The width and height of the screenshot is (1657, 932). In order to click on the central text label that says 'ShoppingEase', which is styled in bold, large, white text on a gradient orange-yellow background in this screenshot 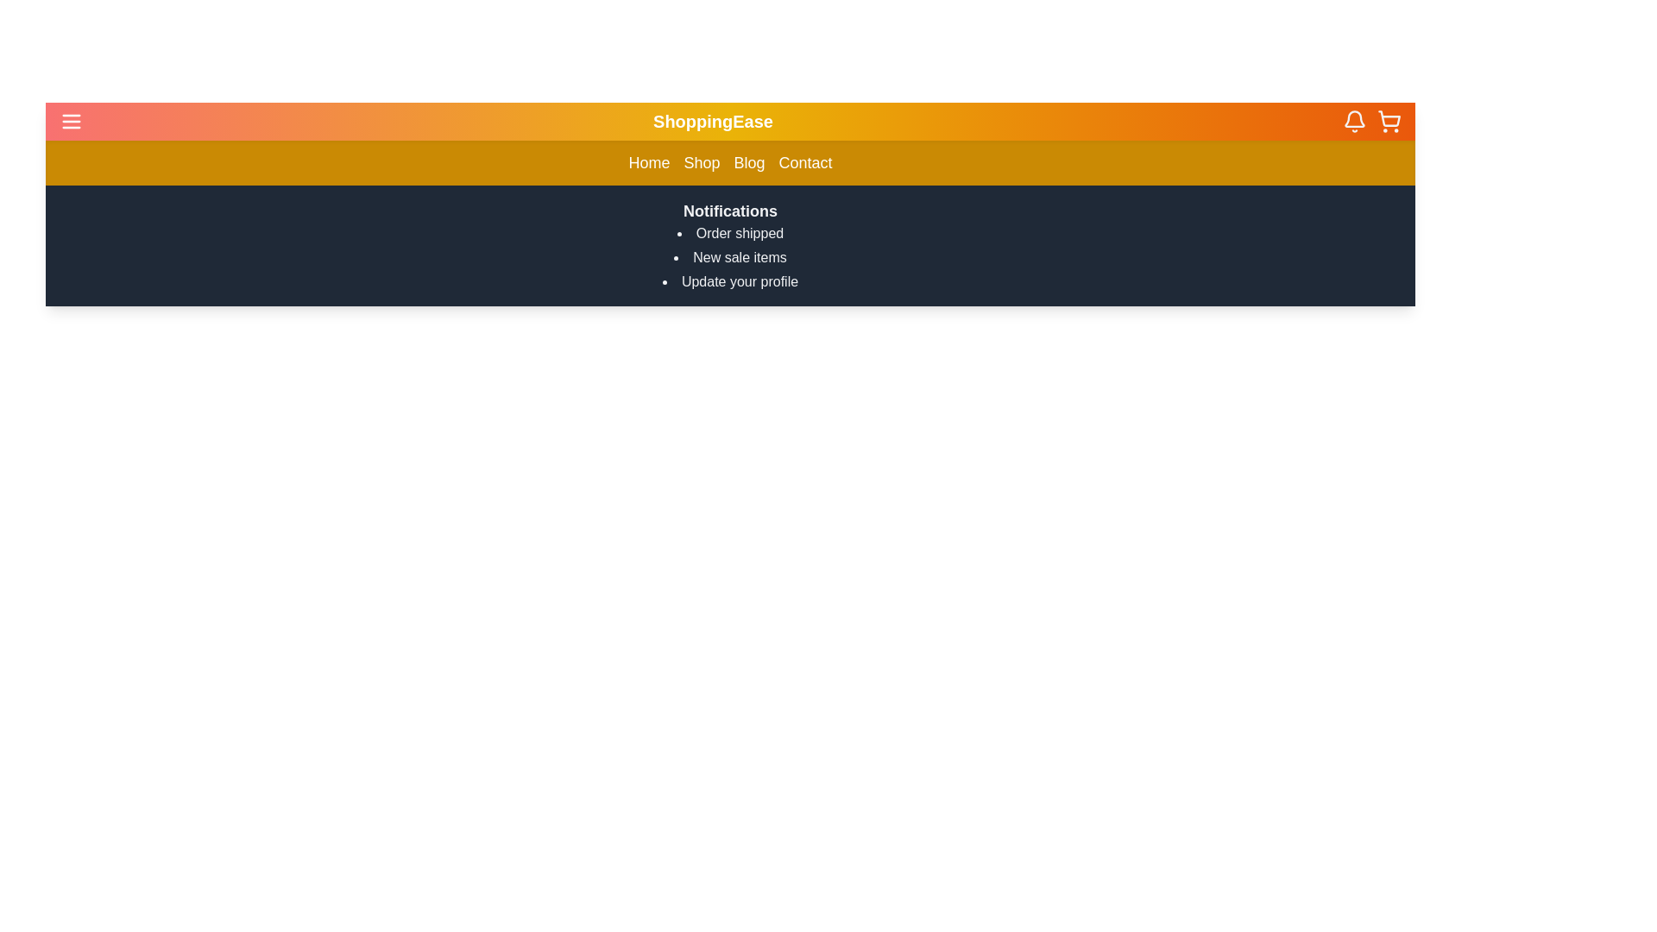, I will do `click(730, 121)`.